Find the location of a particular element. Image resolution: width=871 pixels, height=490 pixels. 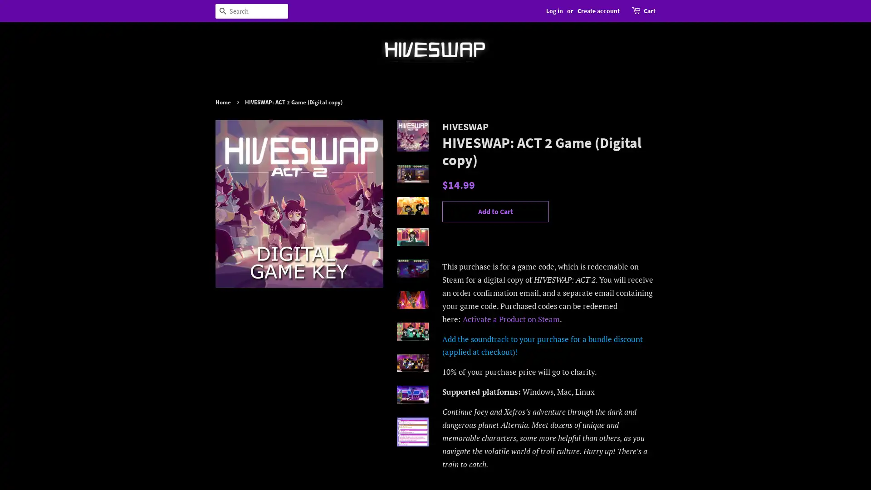

Buy it now is located at coordinates (495, 237).